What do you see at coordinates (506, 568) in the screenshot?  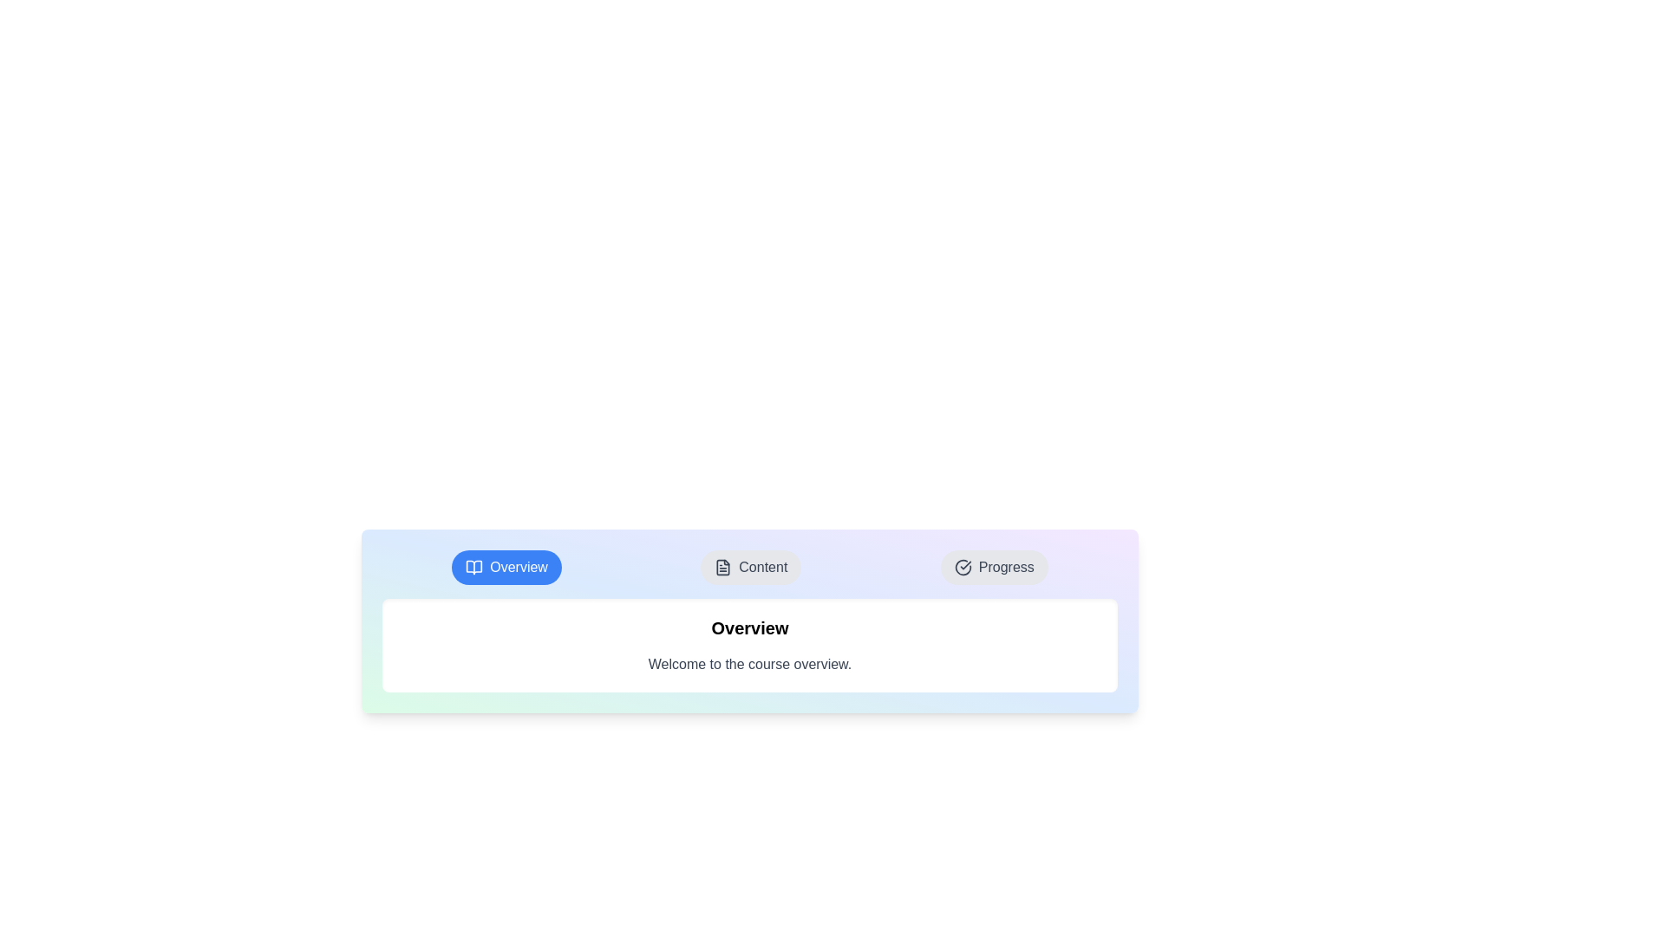 I see `the Overview tab in the CourseManagementTabs component` at bounding box center [506, 568].